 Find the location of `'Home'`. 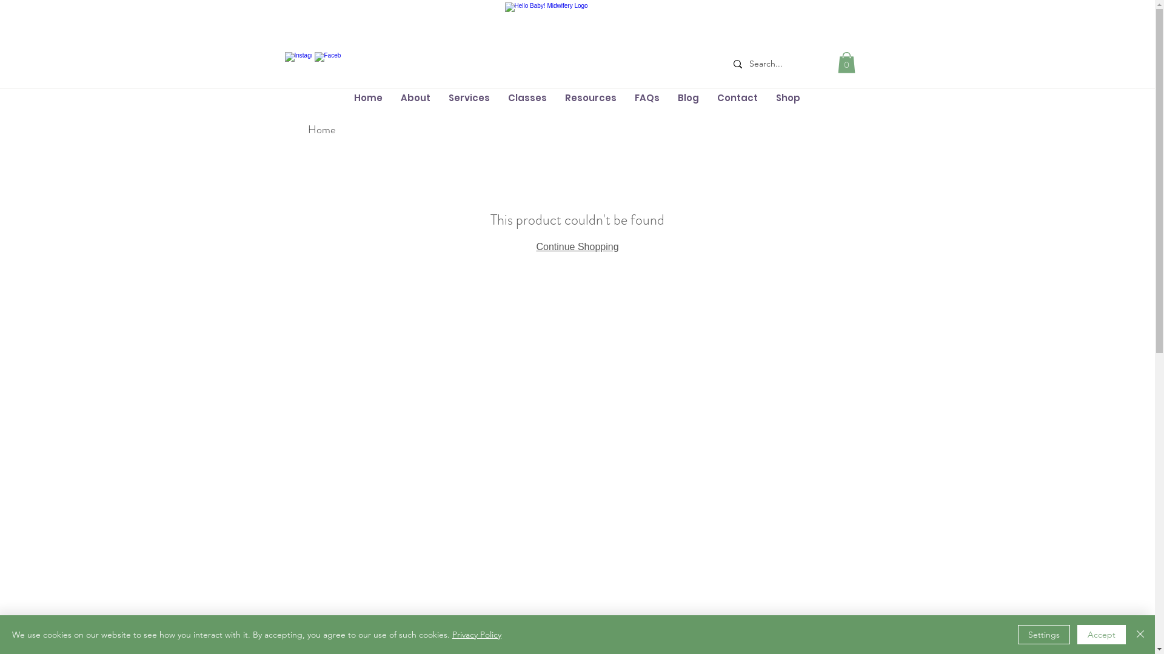

'Home' is located at coordinates (321, 129).